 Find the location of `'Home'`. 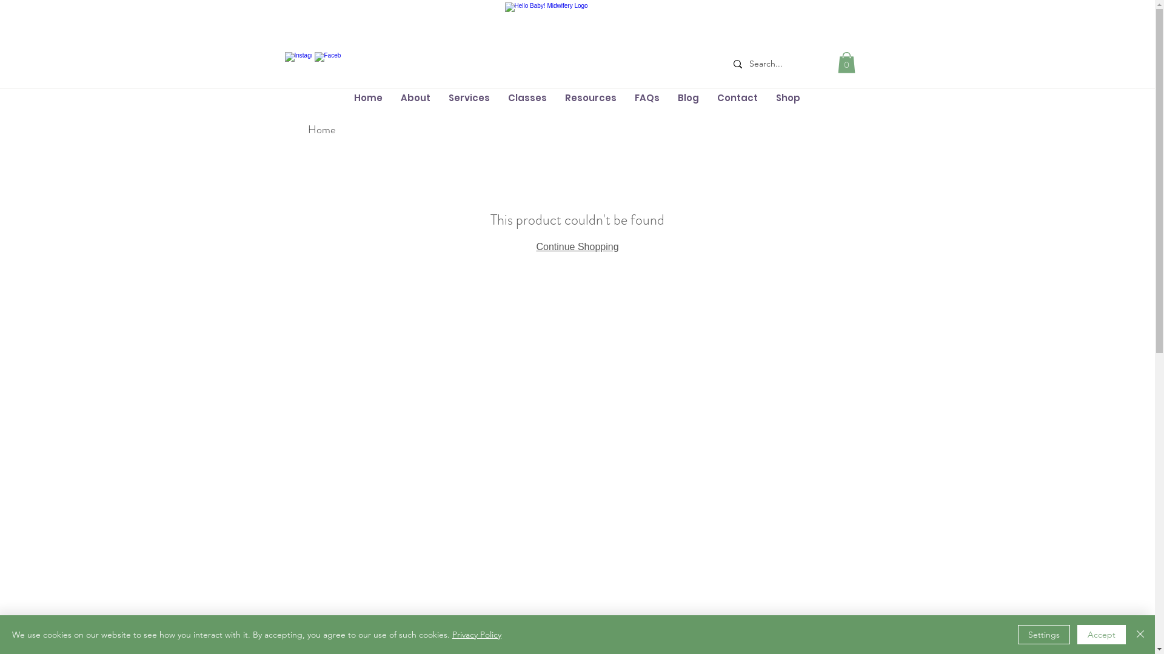

'Home' is located at coordinates (321, 129).